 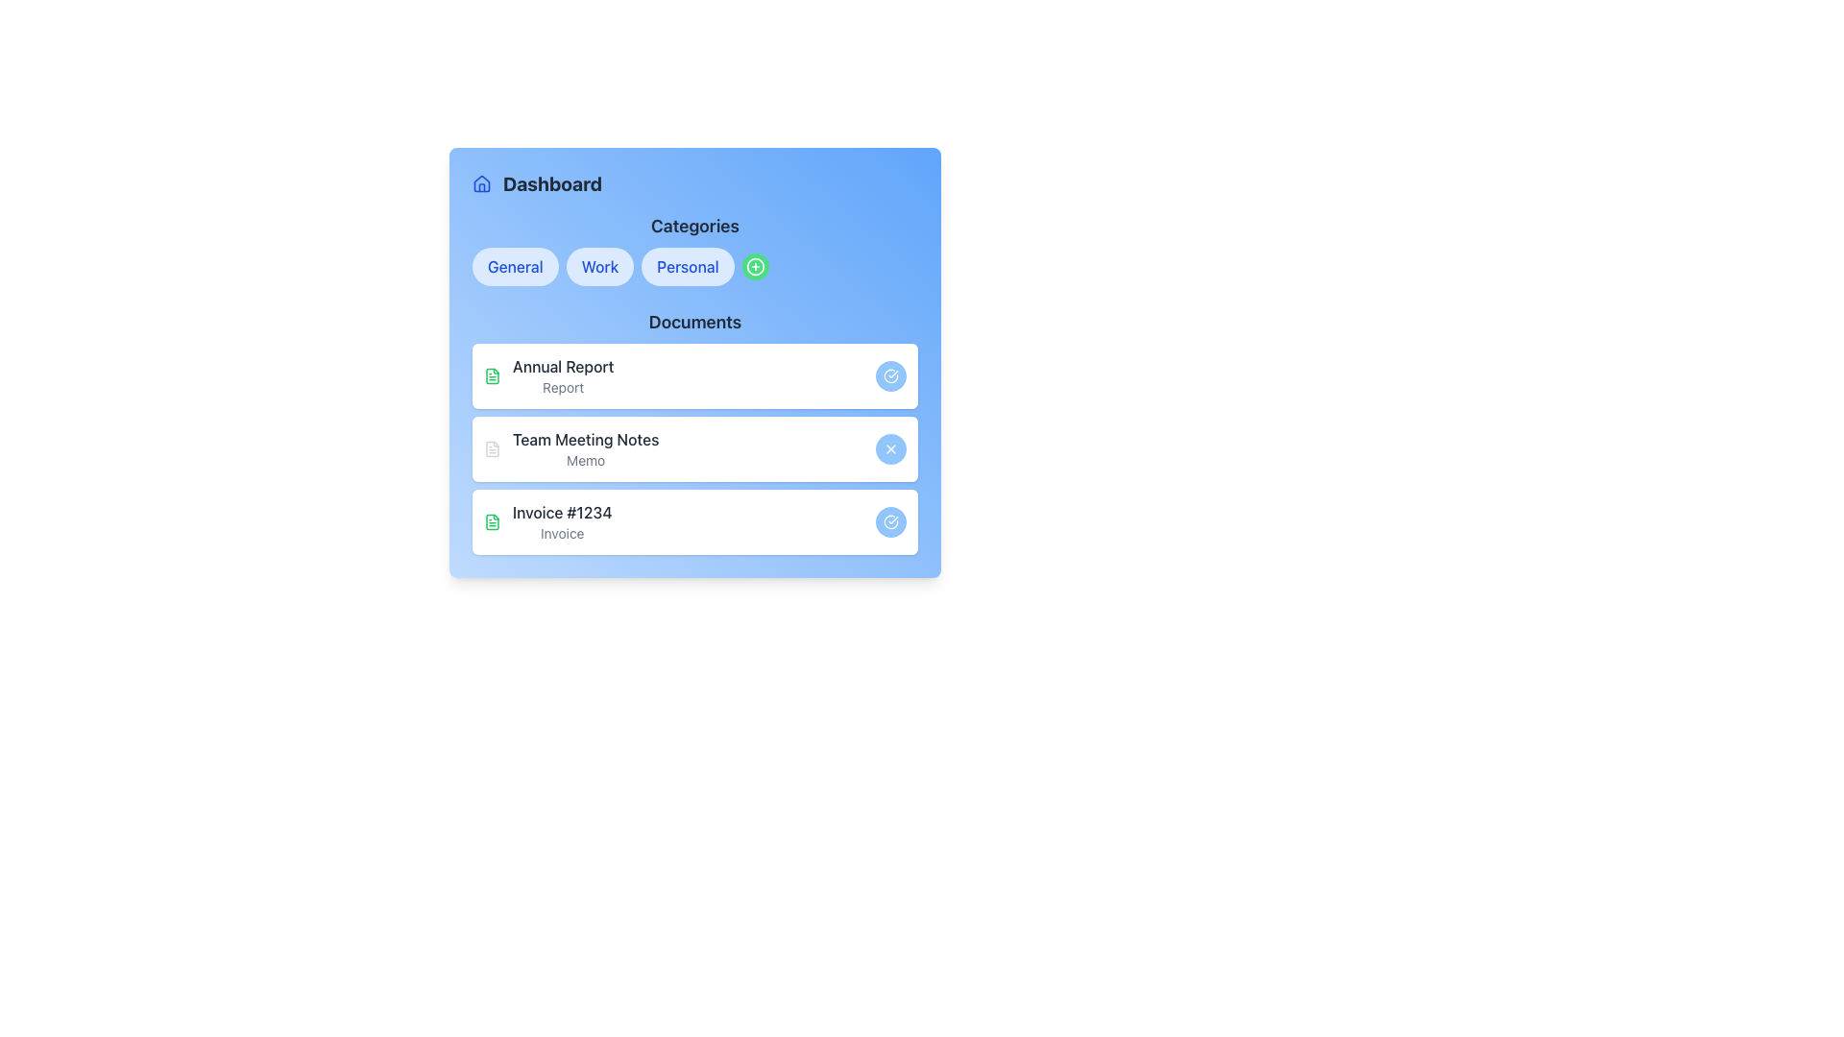 I want to click on the document icon located to the left of the text 'Team Meeting Notes' and 'Memo' in the 'Documents' section of the dashboard interface, so click(x=493, y=448).